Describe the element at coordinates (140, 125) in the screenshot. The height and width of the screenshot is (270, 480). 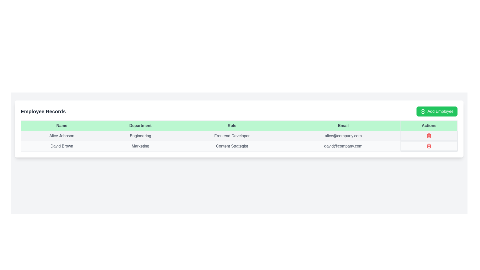
I see `the 'Department' header cell of the table, which is the second column from the left, positioned between 'Name' and 'Role'` at that location.